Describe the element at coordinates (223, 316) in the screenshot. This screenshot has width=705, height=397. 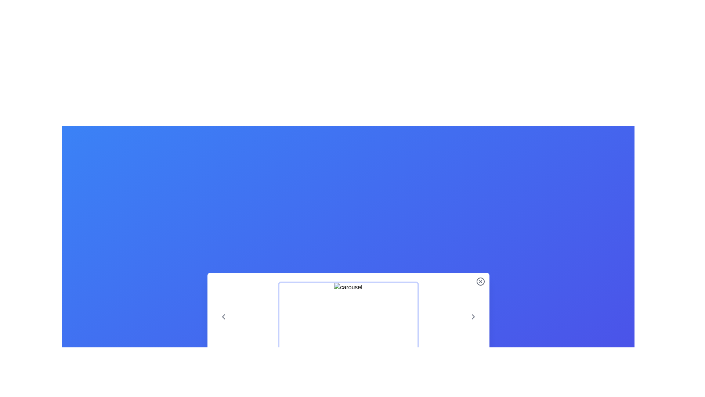
I see `the left navigation icon` at that location.